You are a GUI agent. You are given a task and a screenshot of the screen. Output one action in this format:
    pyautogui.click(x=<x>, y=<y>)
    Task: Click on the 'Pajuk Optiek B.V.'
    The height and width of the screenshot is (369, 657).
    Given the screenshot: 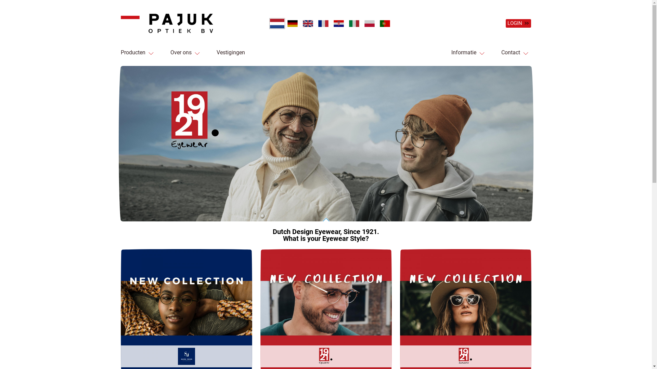 What is the action you would take?
    pyautogui.click(x=120, y=23)
    